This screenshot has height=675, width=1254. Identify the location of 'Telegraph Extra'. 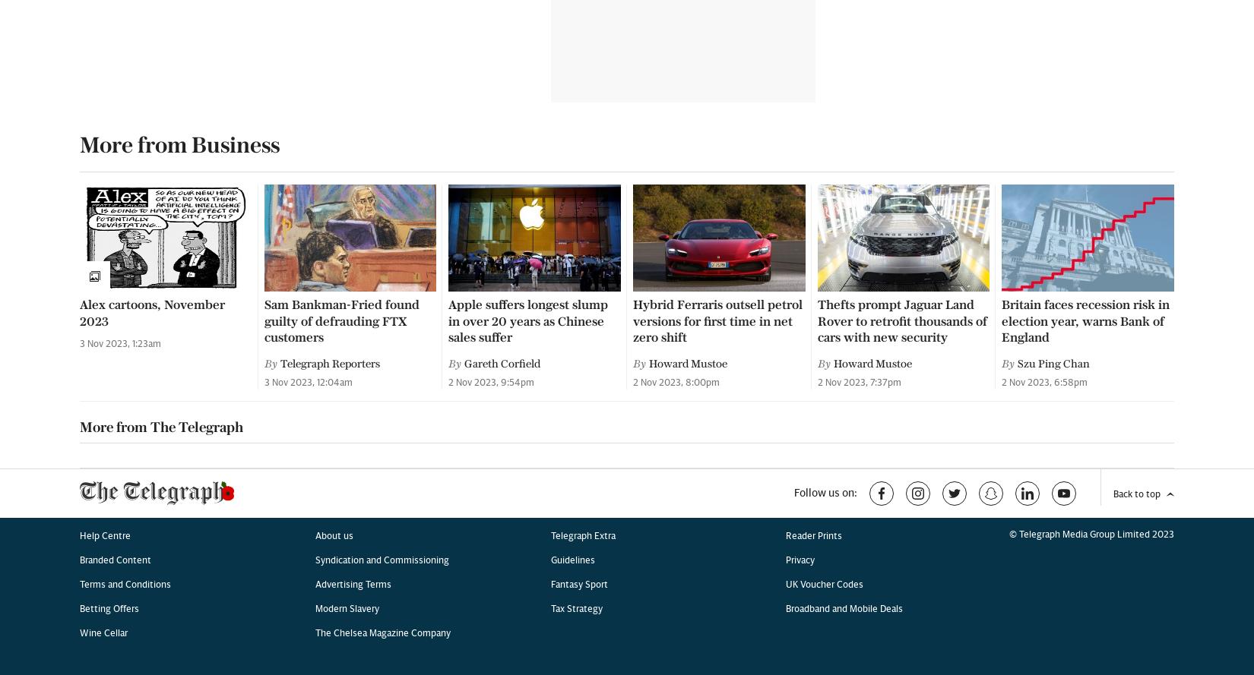
(581, 66).